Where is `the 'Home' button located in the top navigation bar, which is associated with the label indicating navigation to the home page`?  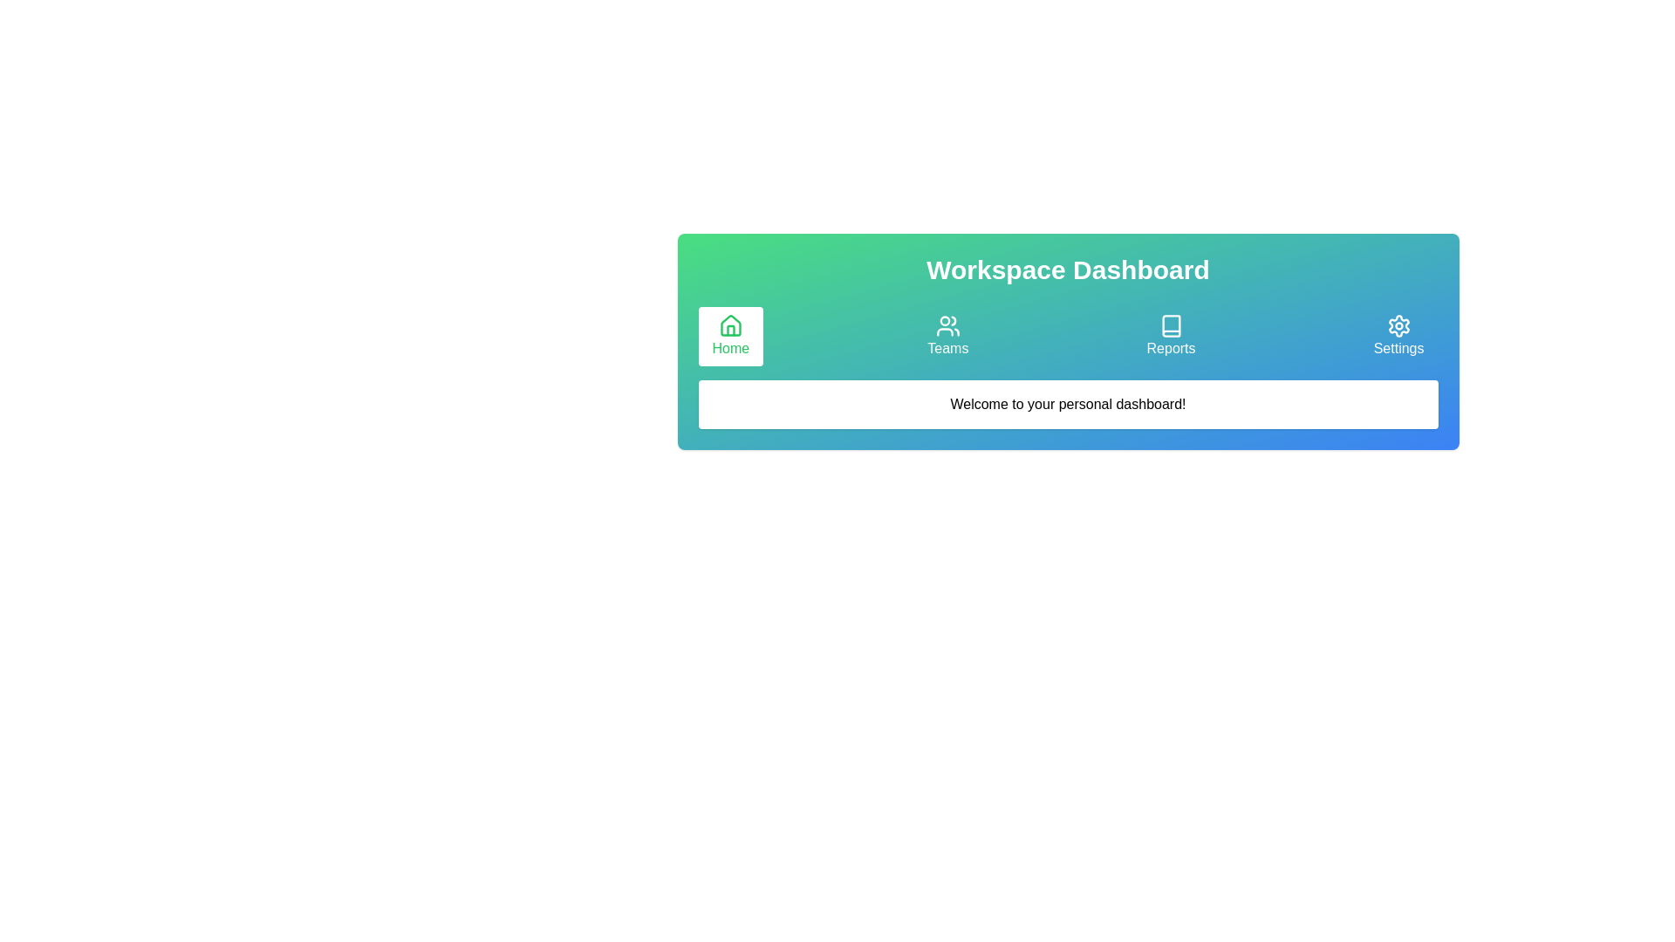 the 'Home' button located in the top navigation bar, which is associated with the label indicating navigation to the home page is located at coordinates (730, 349).